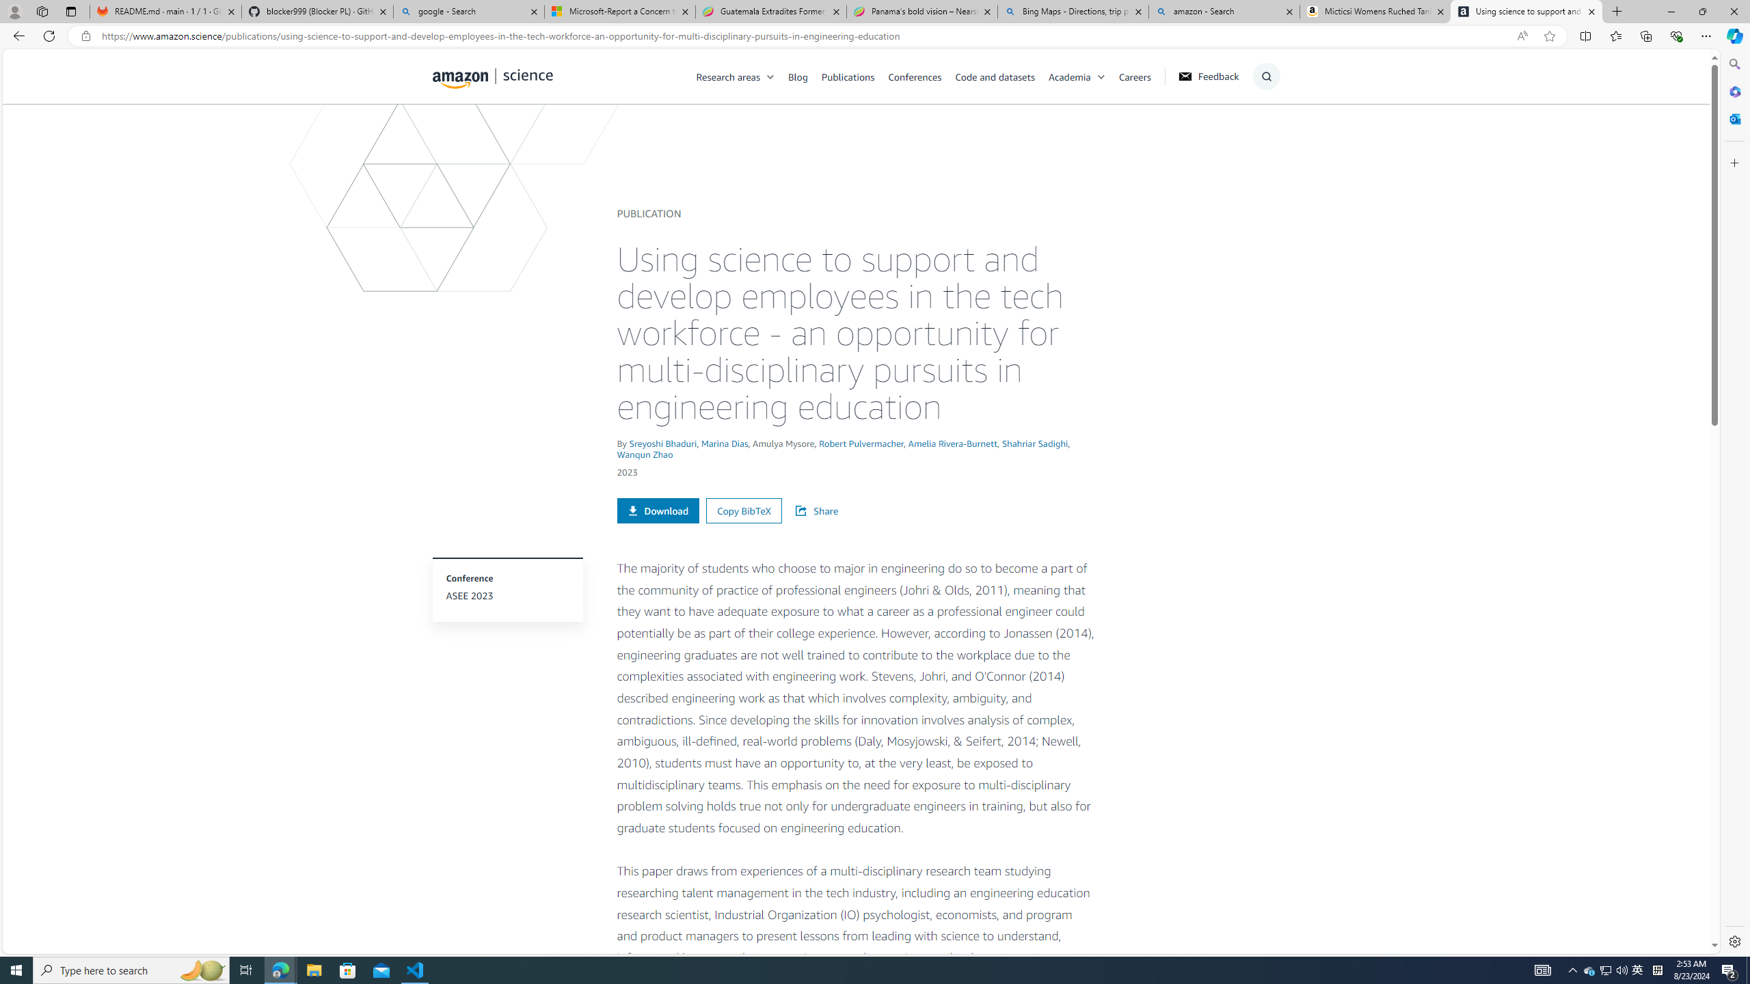  Describe the element at coordinates (742, 76) in the screenshot. I see `'Research areas'` at that location.